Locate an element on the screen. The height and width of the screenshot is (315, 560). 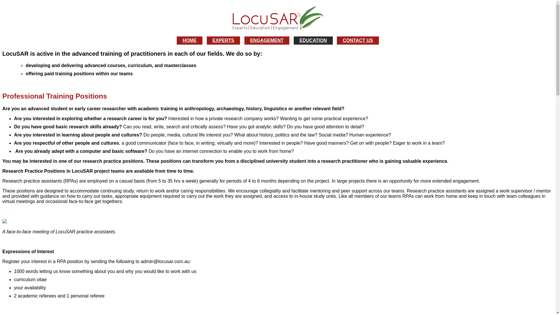
'HOME' is located at coordinates (189, 40).